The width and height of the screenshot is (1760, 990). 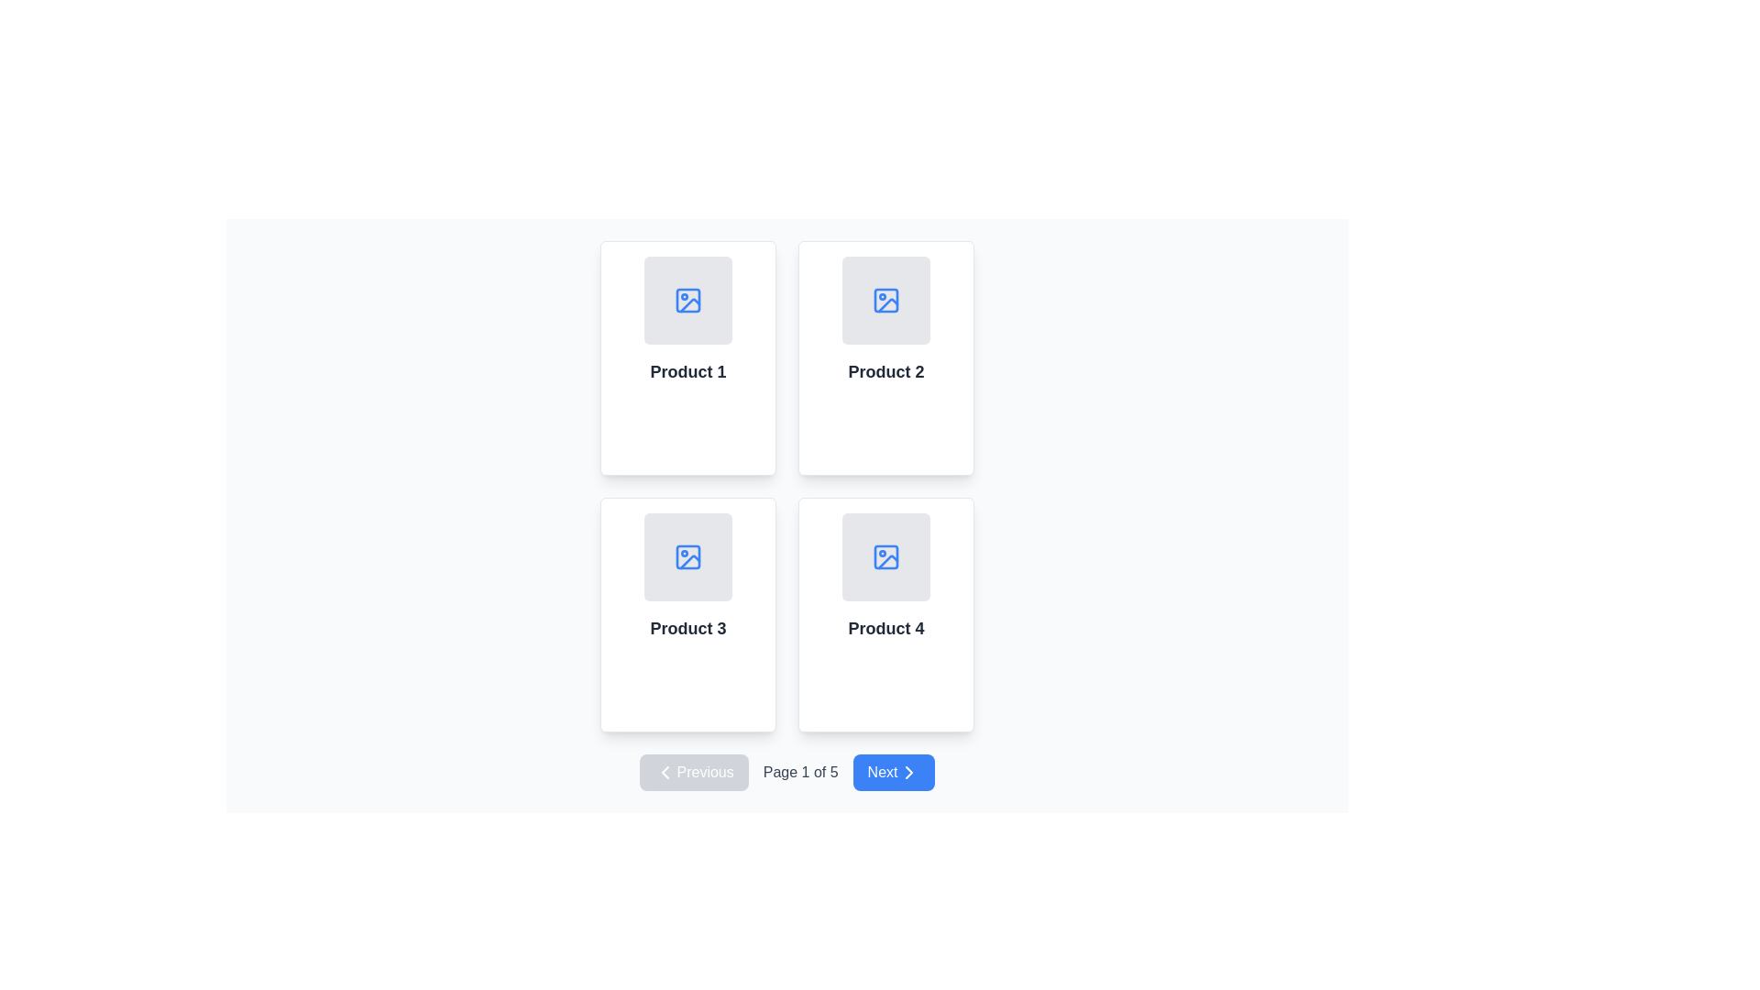 What do you see at coordinates (885, 299) in the screenshot?
I see `the icon placeholder representing 'Product 2' located at the top center of the 'Product 2' card` at bounding box center [885, 299].